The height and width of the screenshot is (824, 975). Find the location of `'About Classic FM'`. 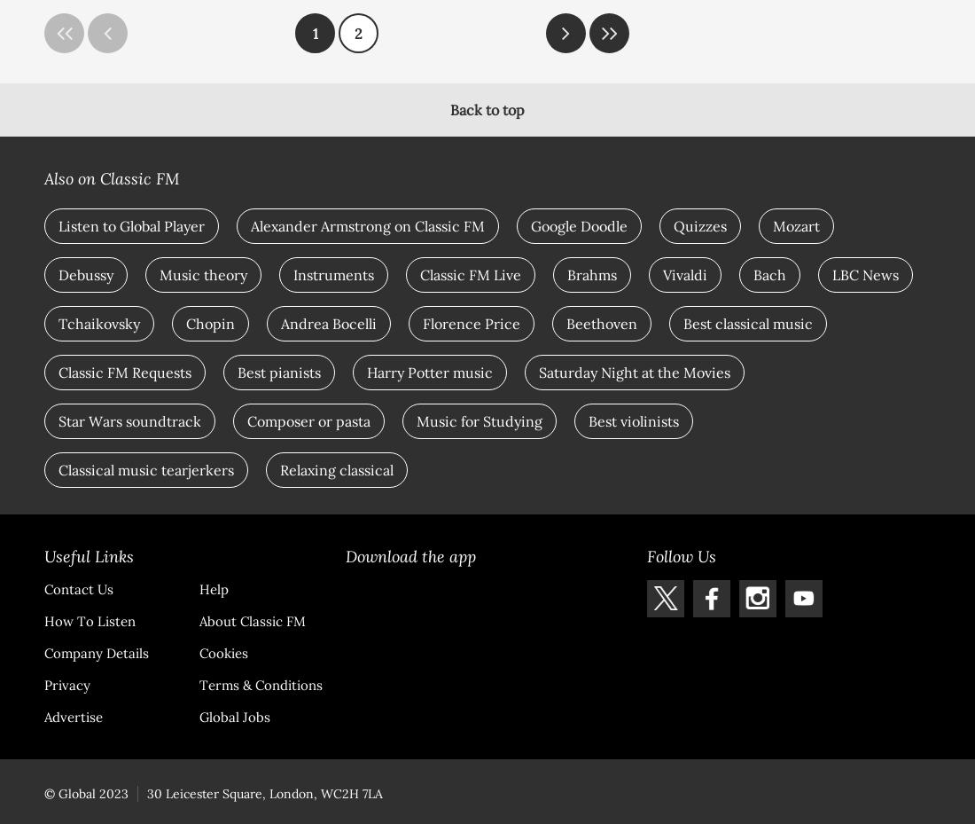

'About Classic FM' is located at coordinates (252, 620).